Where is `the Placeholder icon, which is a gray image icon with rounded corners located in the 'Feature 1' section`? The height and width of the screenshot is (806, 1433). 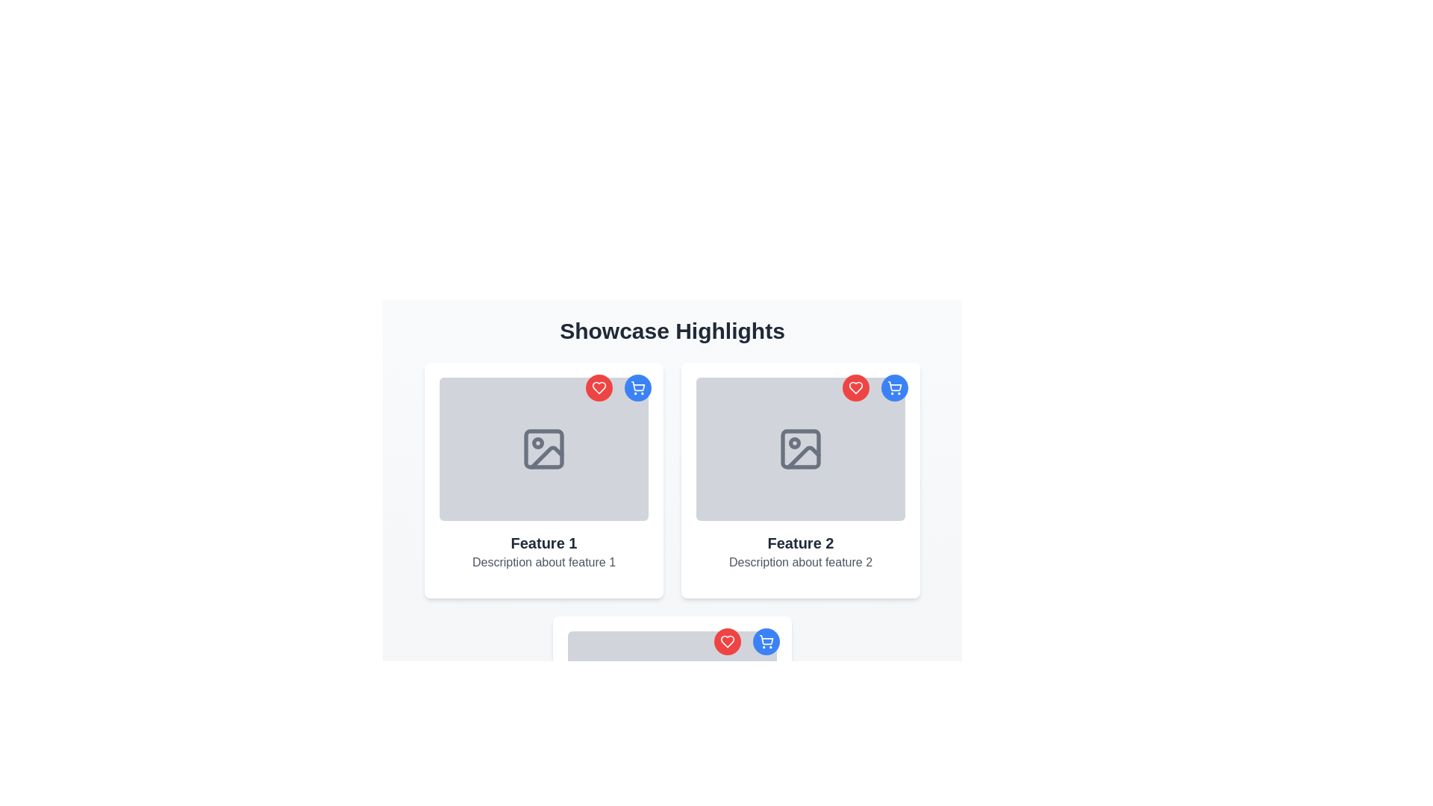 the Placeholder icon, which is a gray image icon with rounded corners located in the 'Feature 1' section is located at coordinates (543, 448).